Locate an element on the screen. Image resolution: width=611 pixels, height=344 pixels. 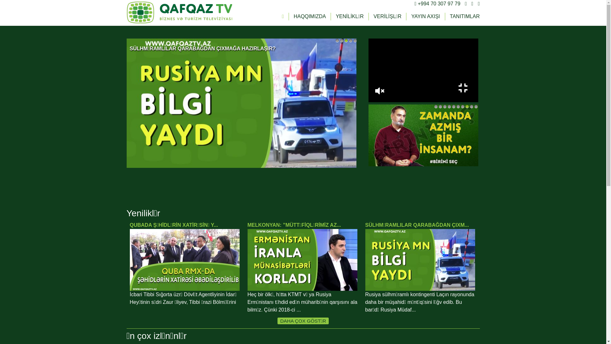
'3' is located at coordinates (444, 106).